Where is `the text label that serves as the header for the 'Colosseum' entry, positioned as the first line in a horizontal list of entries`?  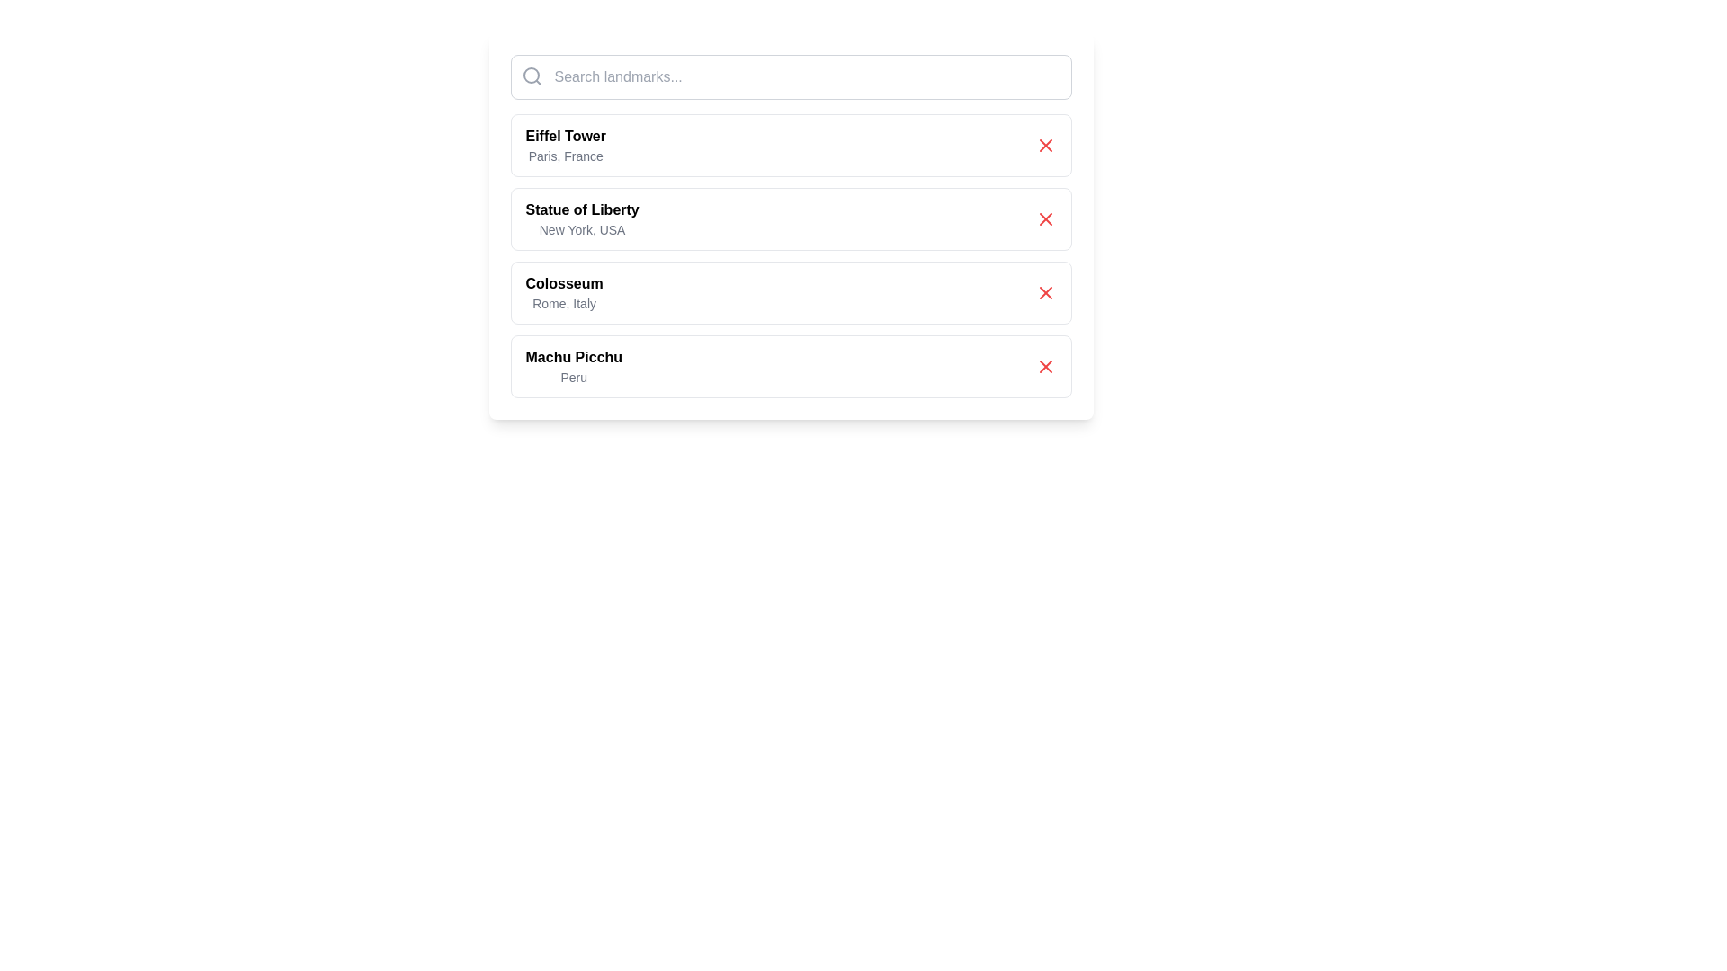
the text label that serves as the header for the 'Colosseum' entry, positioned as the first line in a horizontal list of entries is located at coordinates (563, 283).